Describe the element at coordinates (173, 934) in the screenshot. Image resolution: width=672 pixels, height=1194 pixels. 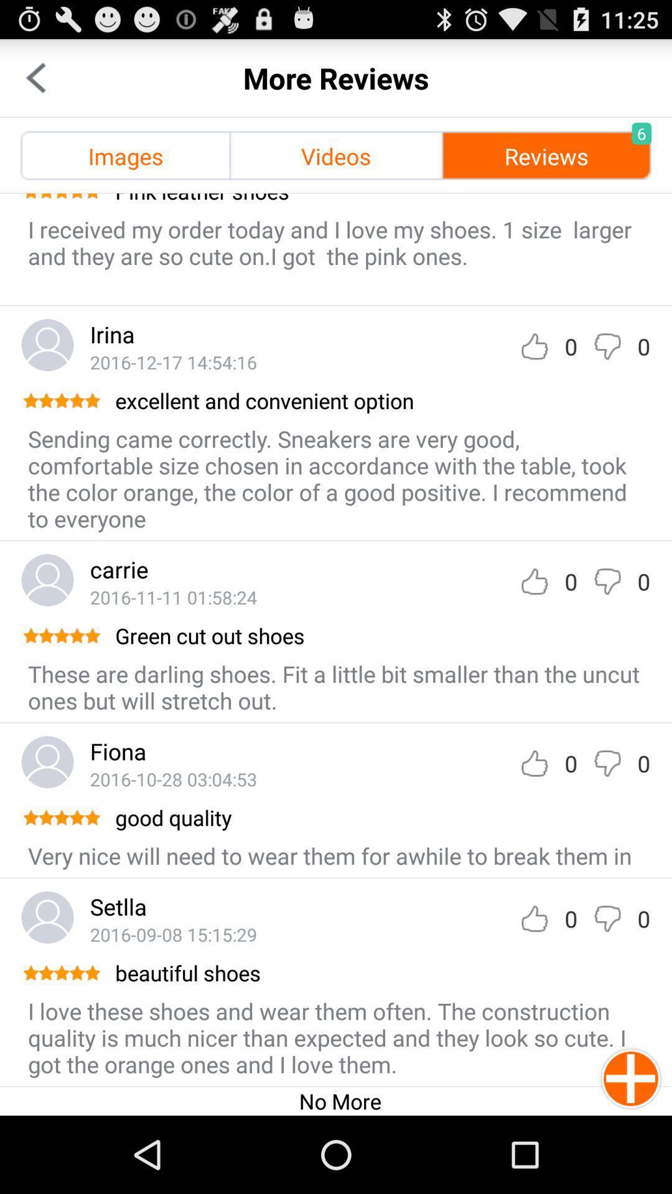
I see `2016 09 08` at that location.